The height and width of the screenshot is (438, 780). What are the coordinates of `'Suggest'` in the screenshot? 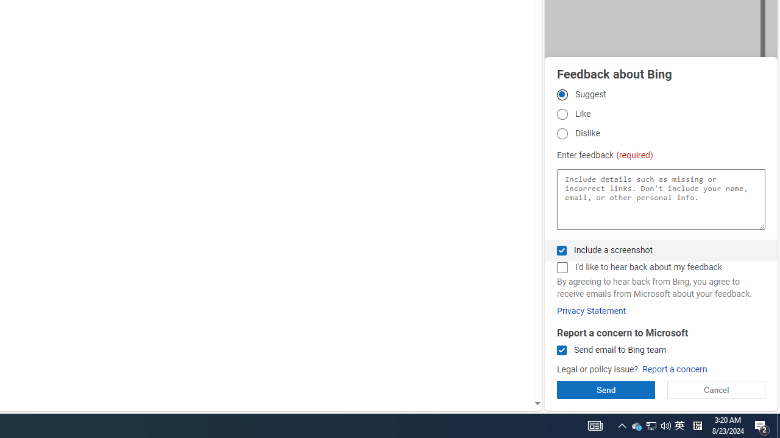 It's located at (561, 94).